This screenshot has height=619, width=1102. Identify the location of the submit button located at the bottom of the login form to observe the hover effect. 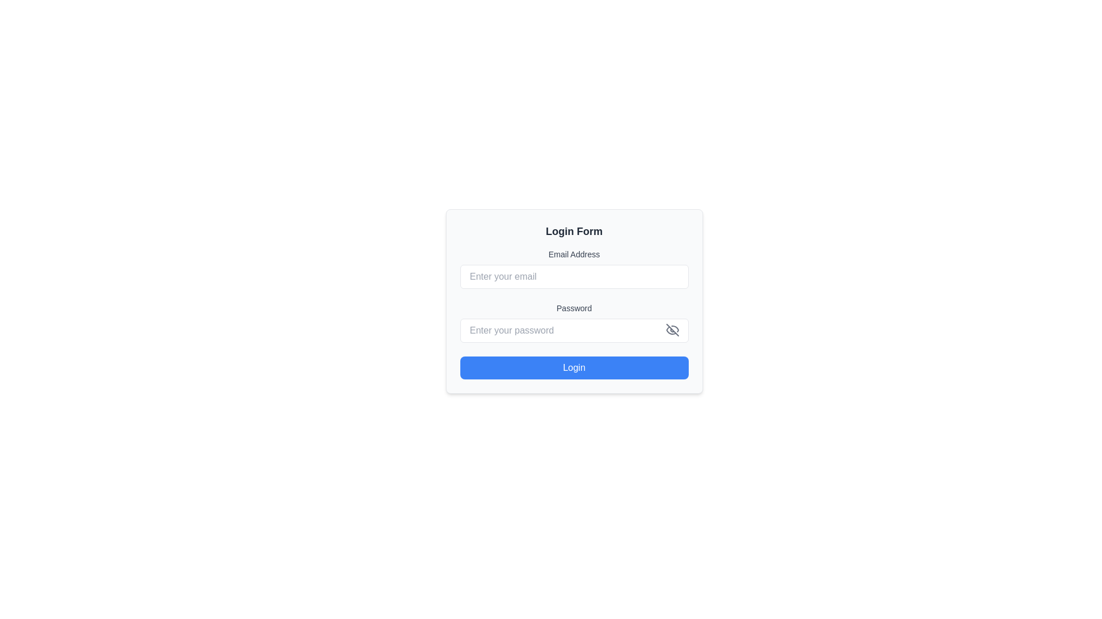
(574, 367).